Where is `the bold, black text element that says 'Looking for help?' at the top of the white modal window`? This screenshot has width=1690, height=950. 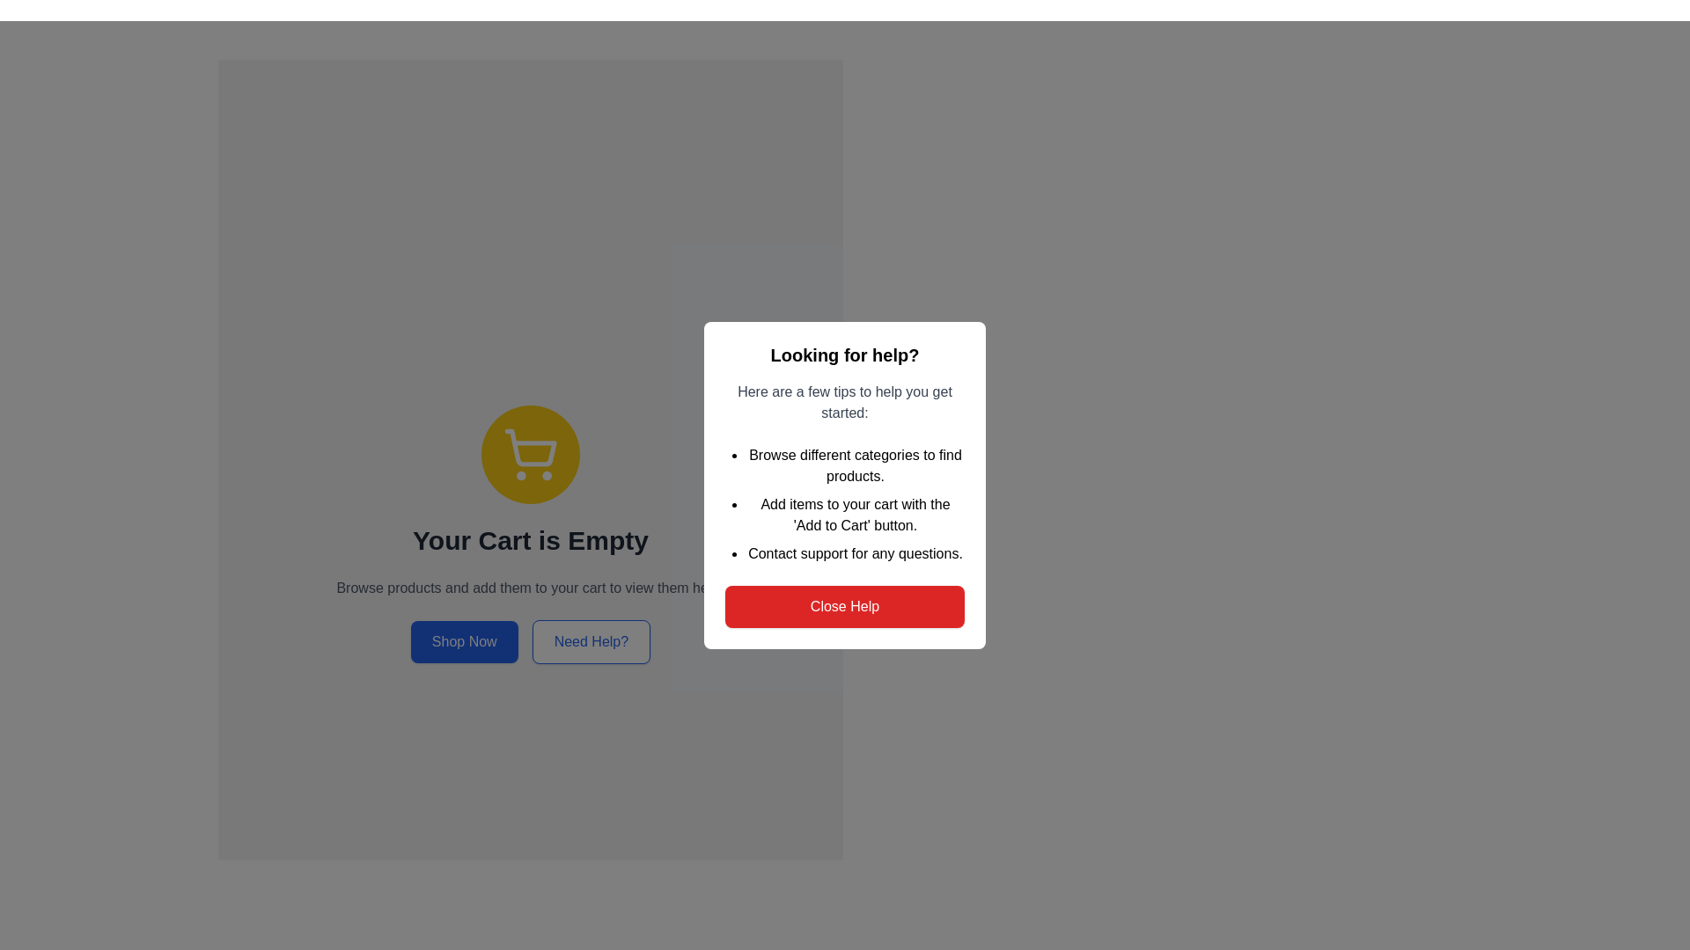 the bold, black text element that says 'Looking for help?' at the top of the white modal window is located at coordinates (845, 355).